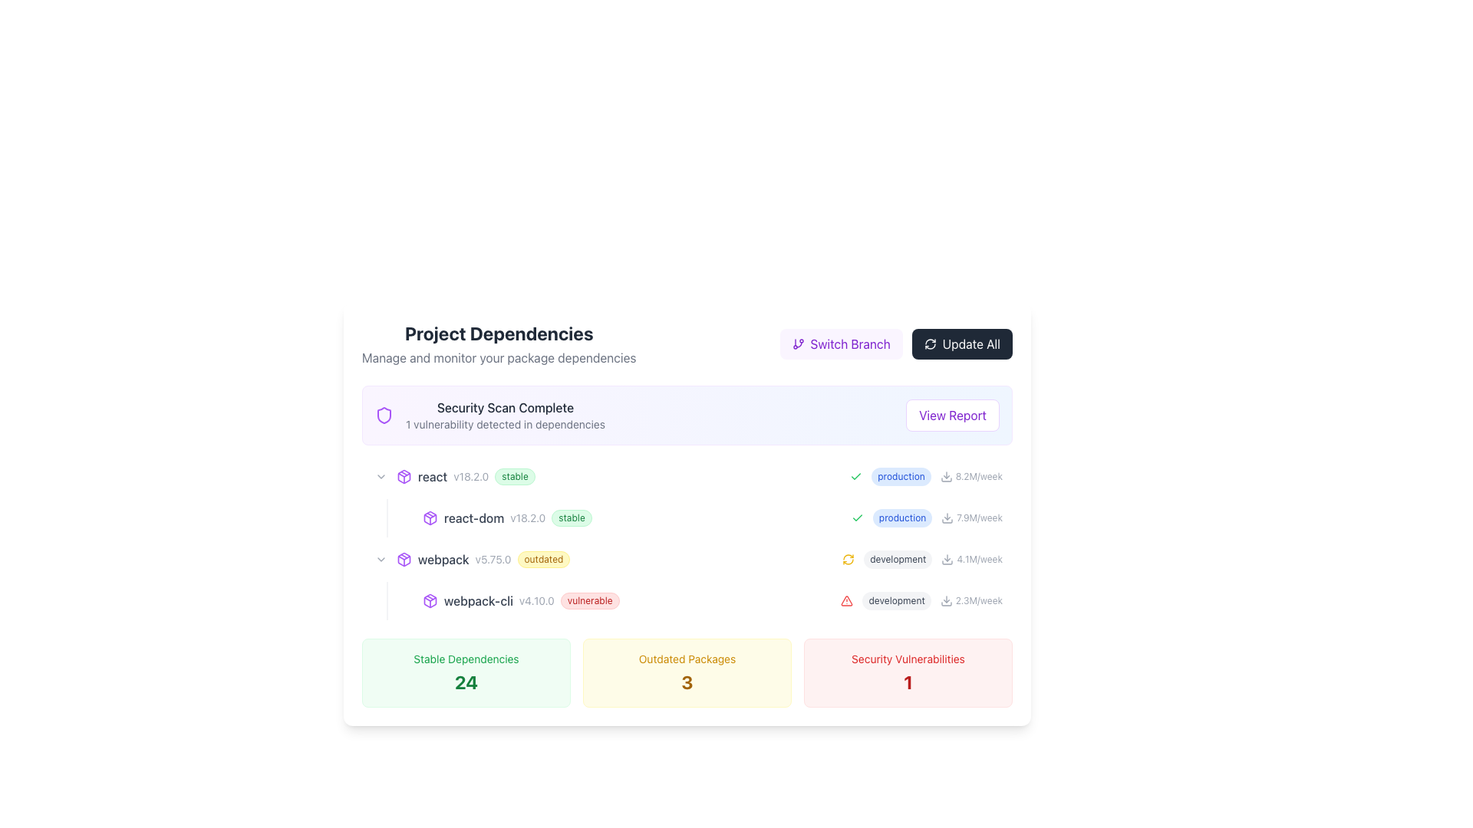 Image resolution: width=1473 pixels, height=828 pixels. Describe the element at coordinates (846, 600) in the screenshot. I see `the triangular warning icon to retrieve more information about the associated warning or issue regarding dependencies` at that location.